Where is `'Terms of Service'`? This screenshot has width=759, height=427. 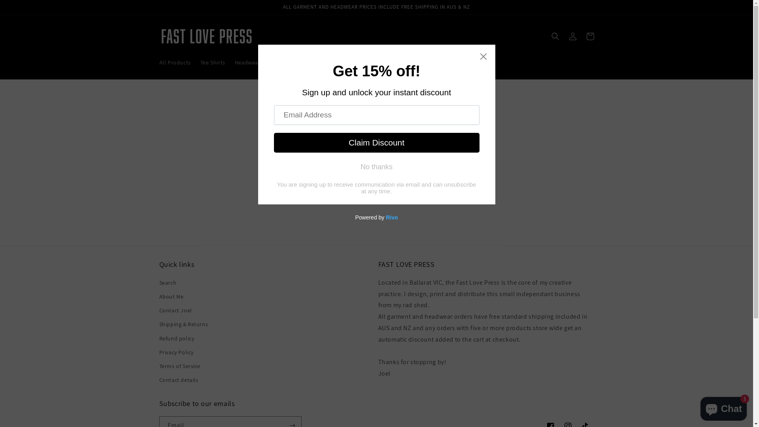 'Terms of Service' is located at coordinates (179, 366).